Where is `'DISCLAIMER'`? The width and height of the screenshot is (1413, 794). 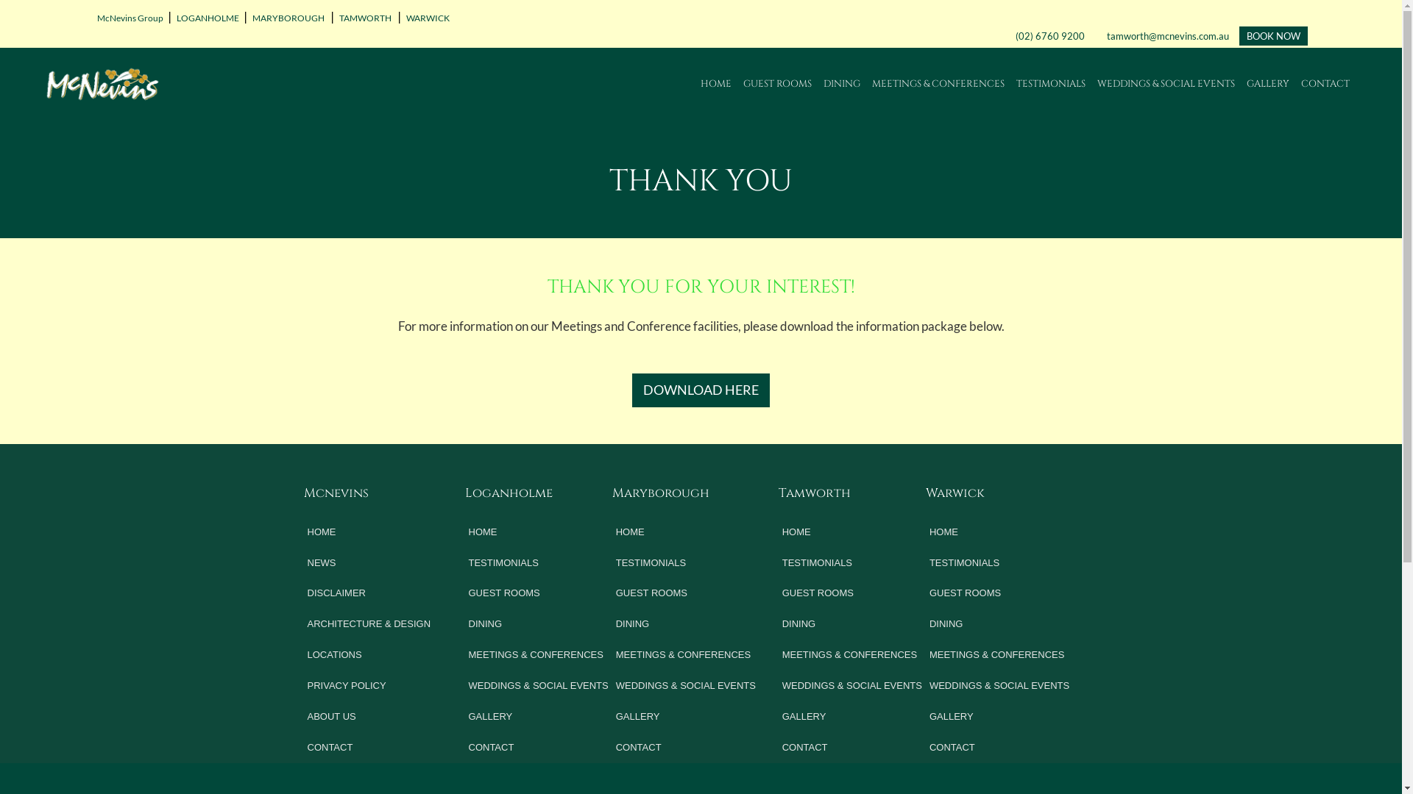 'DISCLAIMER' is located at coordinates (302, 592).